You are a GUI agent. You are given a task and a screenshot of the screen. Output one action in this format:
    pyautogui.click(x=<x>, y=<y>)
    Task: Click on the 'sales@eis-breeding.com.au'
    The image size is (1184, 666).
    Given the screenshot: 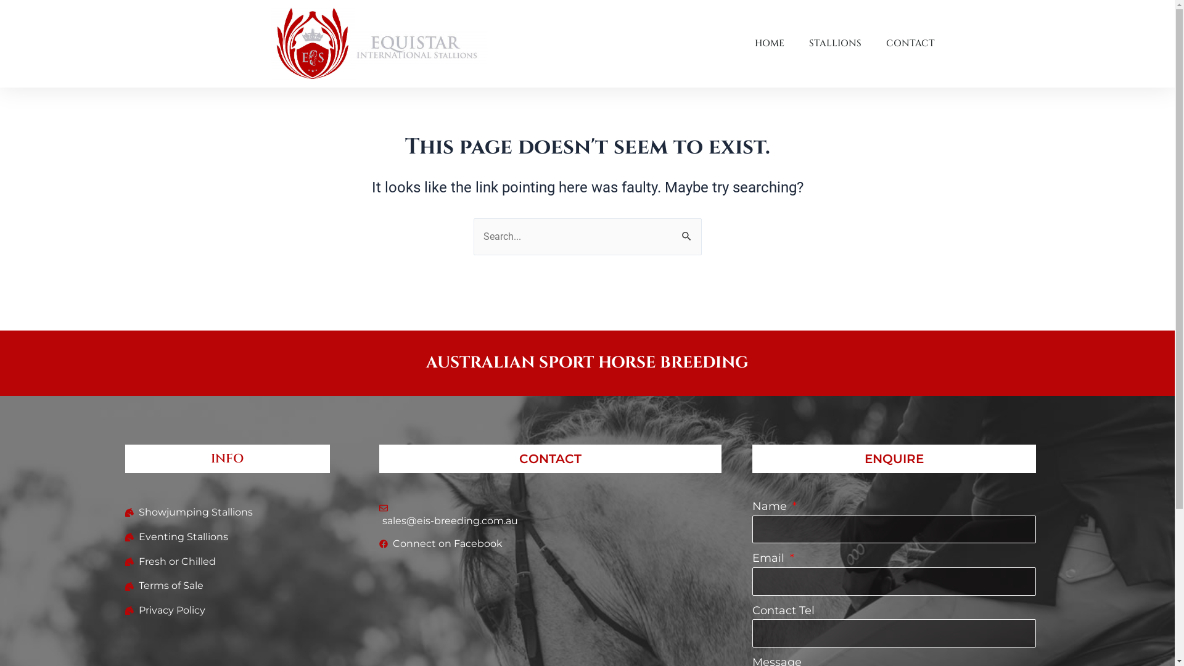 What is the action you would take?
    pyautogui.click(x=378, y=517)
    